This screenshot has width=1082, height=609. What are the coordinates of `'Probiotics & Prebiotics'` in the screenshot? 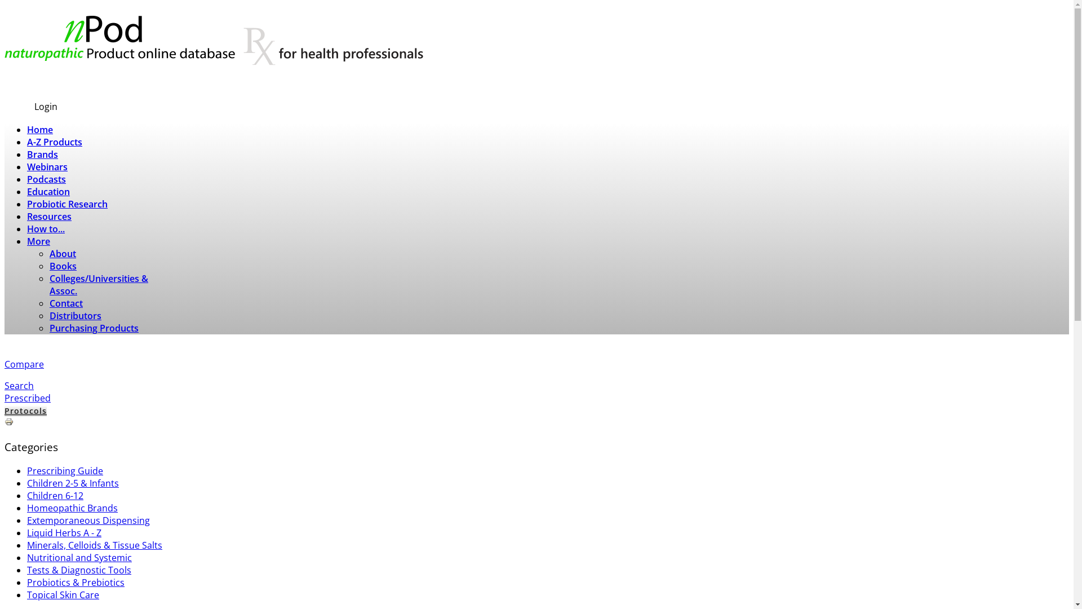 It's located at (75, 582).